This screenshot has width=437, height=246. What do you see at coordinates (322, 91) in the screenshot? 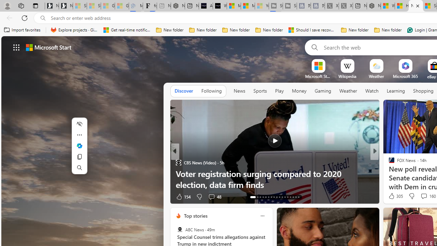
I see `'Gaming'` at bounding box center [322, 91].